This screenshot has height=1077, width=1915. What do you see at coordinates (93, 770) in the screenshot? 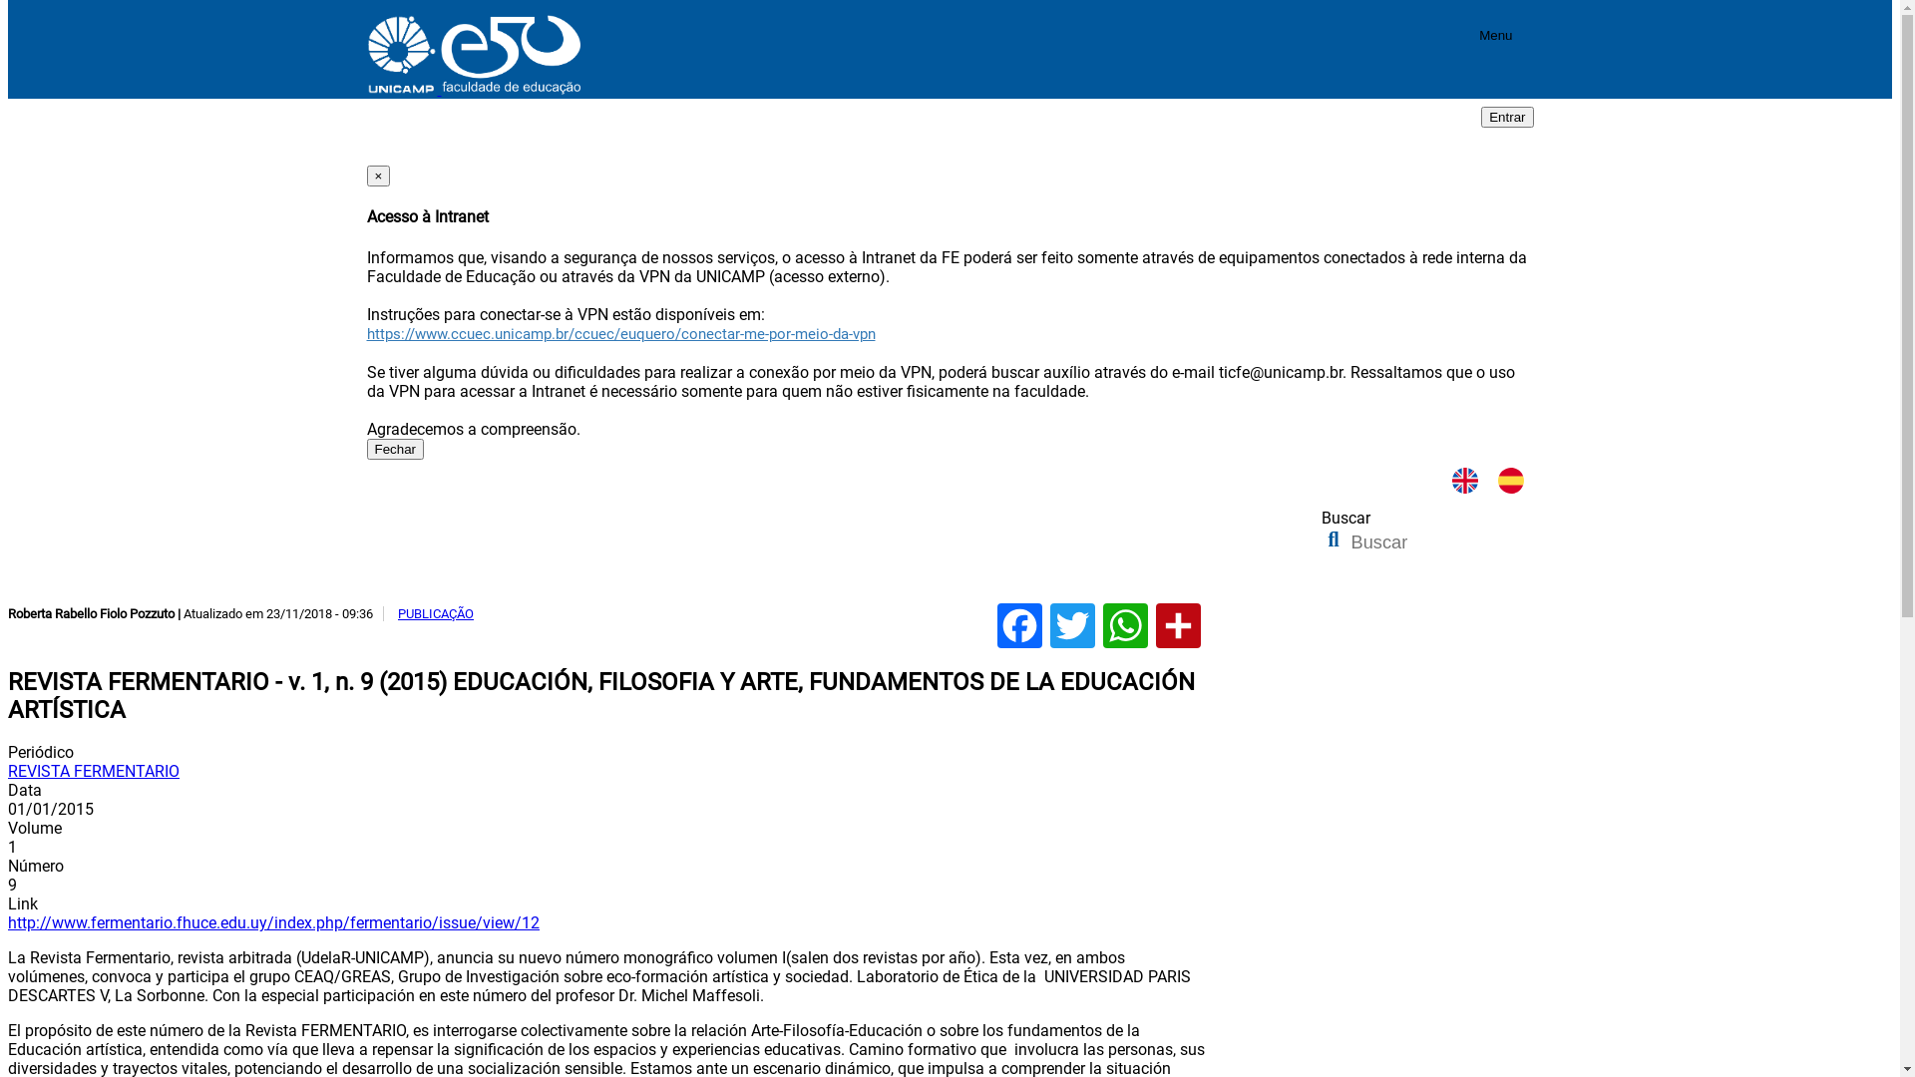
I see `'REVISTA FERMENTARIO'` at bounding box center [93, 770].